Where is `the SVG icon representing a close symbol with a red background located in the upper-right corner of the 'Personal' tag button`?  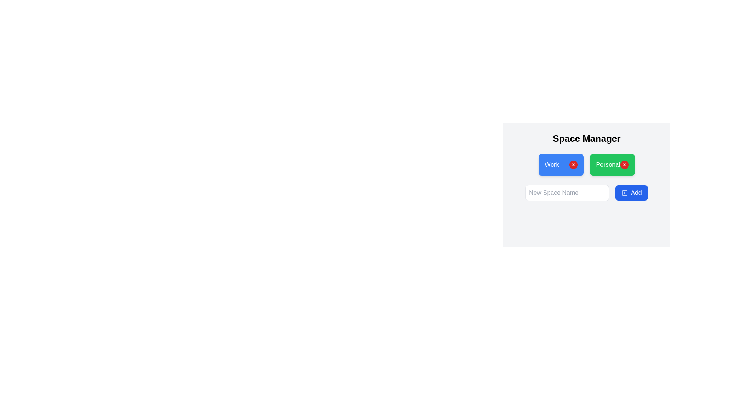 the SVG icon representing a close symbol with a red background located in the upper-right corner of the 'Personal' tag button is located at coordinates (624, 164).